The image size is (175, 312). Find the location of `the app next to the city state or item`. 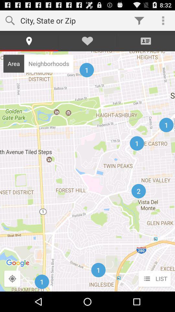

the app next to the city state or item is located at coordinates (139, 20).